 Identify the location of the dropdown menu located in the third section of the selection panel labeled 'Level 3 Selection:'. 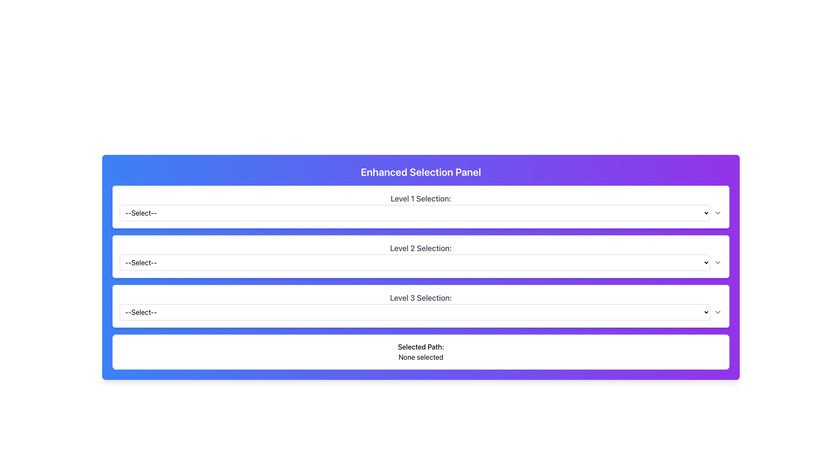
(415, 312).